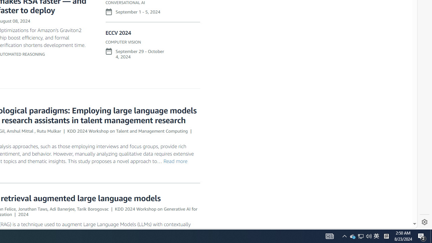 The image size is (432, 243). I want to click on 'ECCV 2024', so click(118, 33).